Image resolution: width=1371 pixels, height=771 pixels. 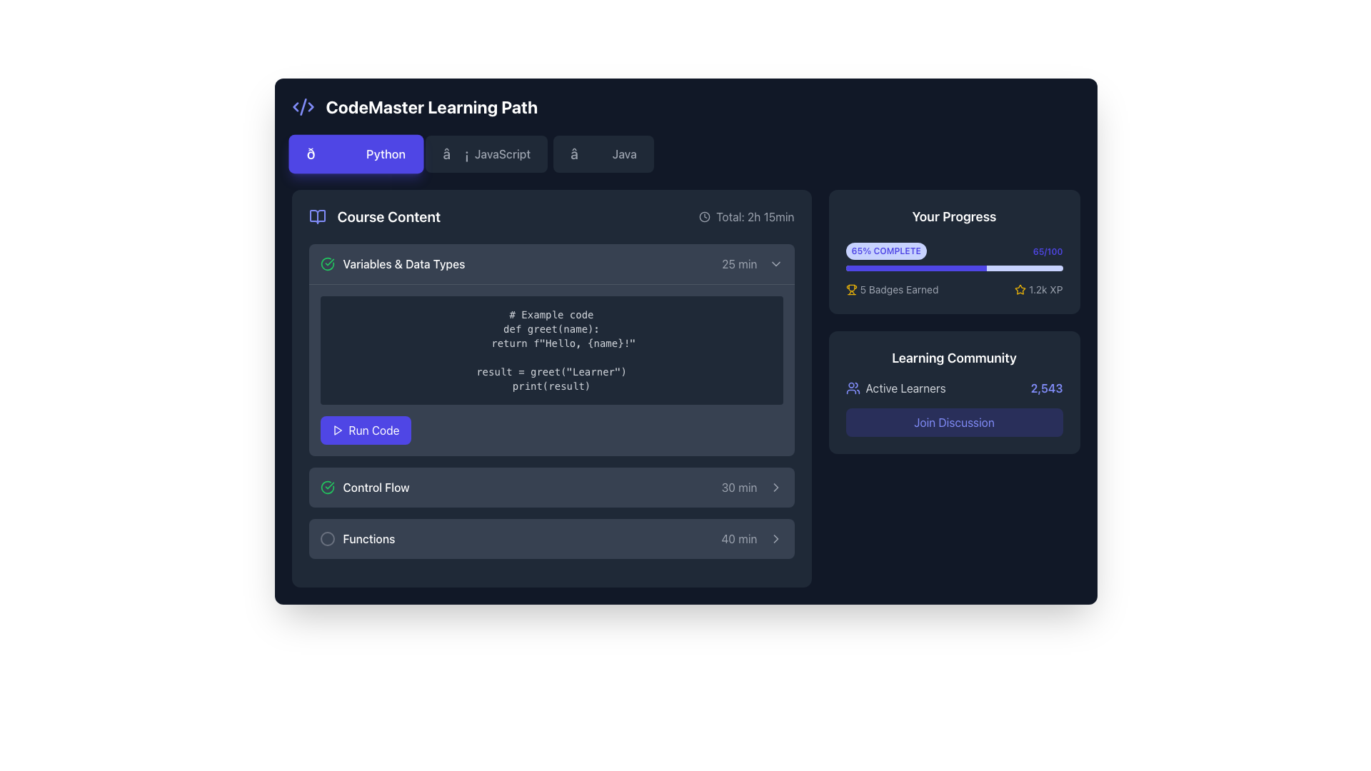 I want to click on the decorative icon located in the top menu bar to the left of the 'JavaScript' button text, so click(x=455, y=154).